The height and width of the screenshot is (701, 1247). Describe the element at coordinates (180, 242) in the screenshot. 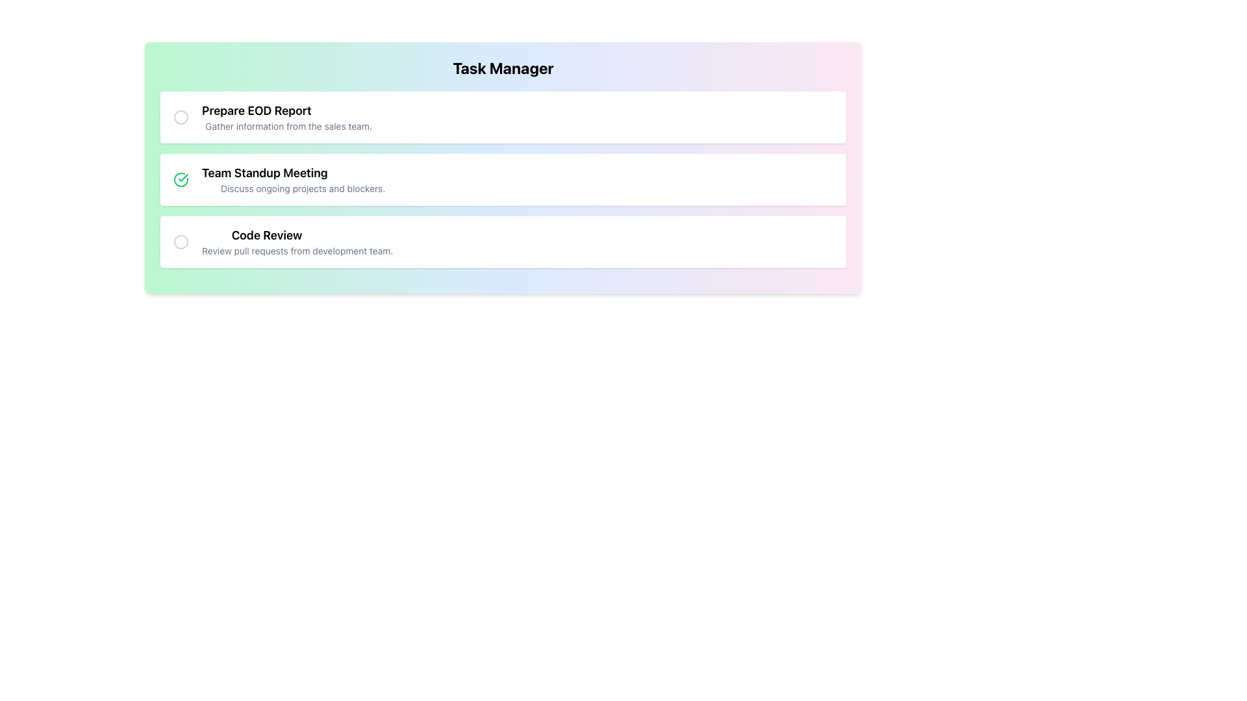

I see `the circular selectable icon with a light gray outline and dotted center located on the left side of the 'Code Review' item in the task list` at that location.